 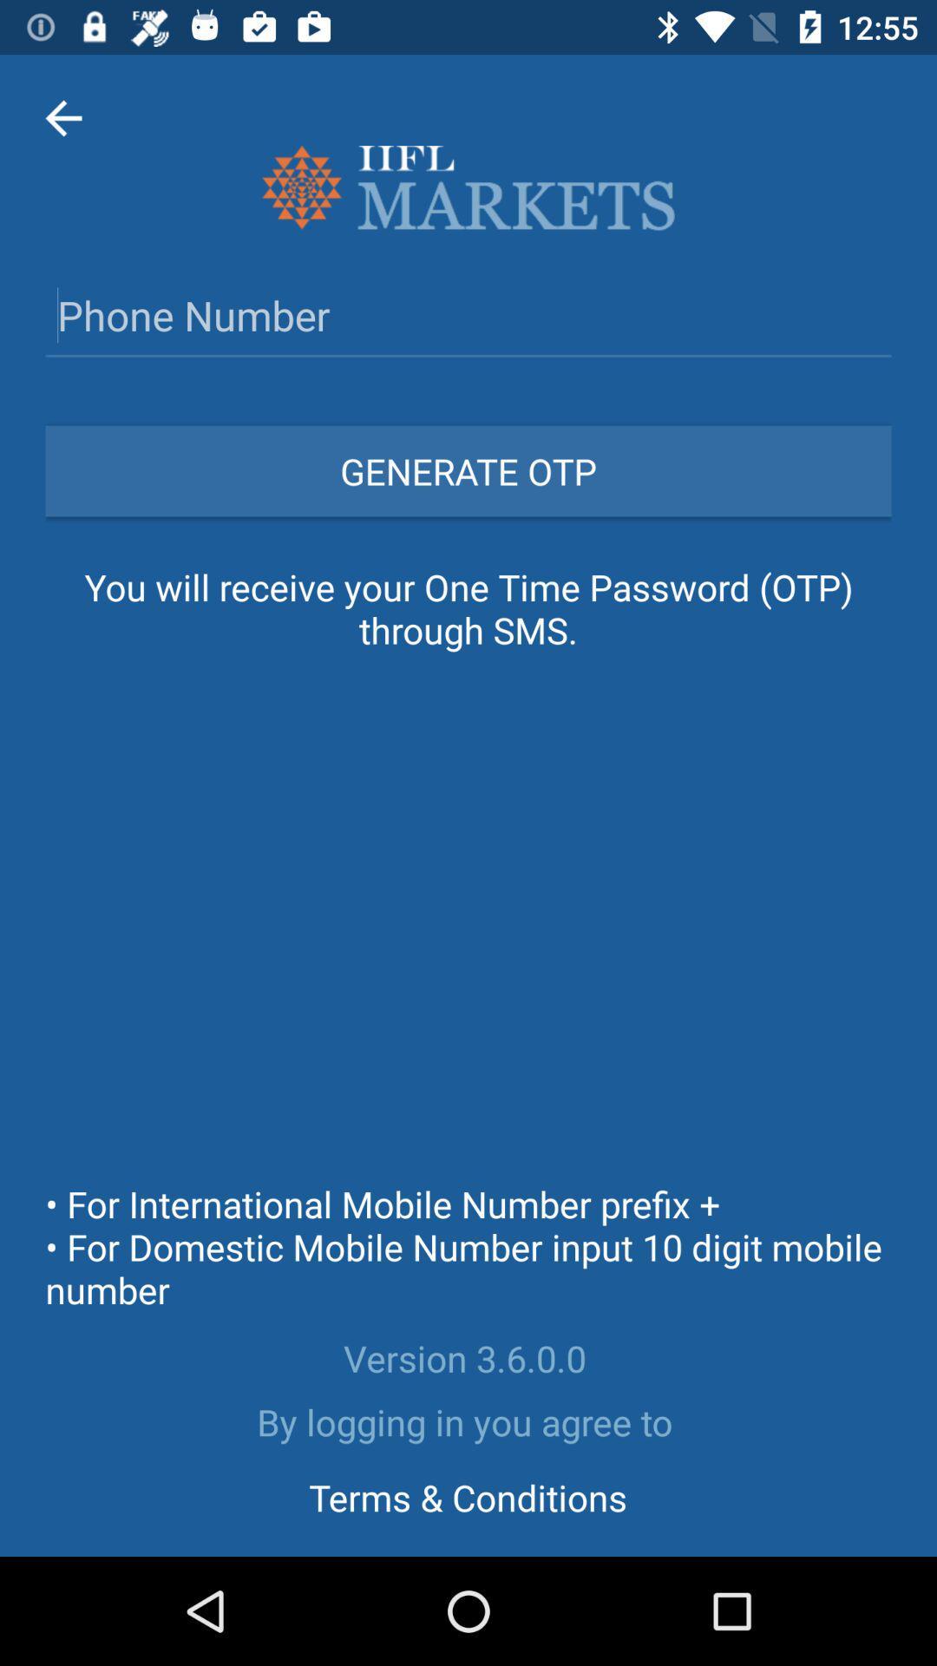 What do you see at coordinates (468, 1357) in the screenshot?
I see `item below for international mobile item` at bounding box center [468, 1357].